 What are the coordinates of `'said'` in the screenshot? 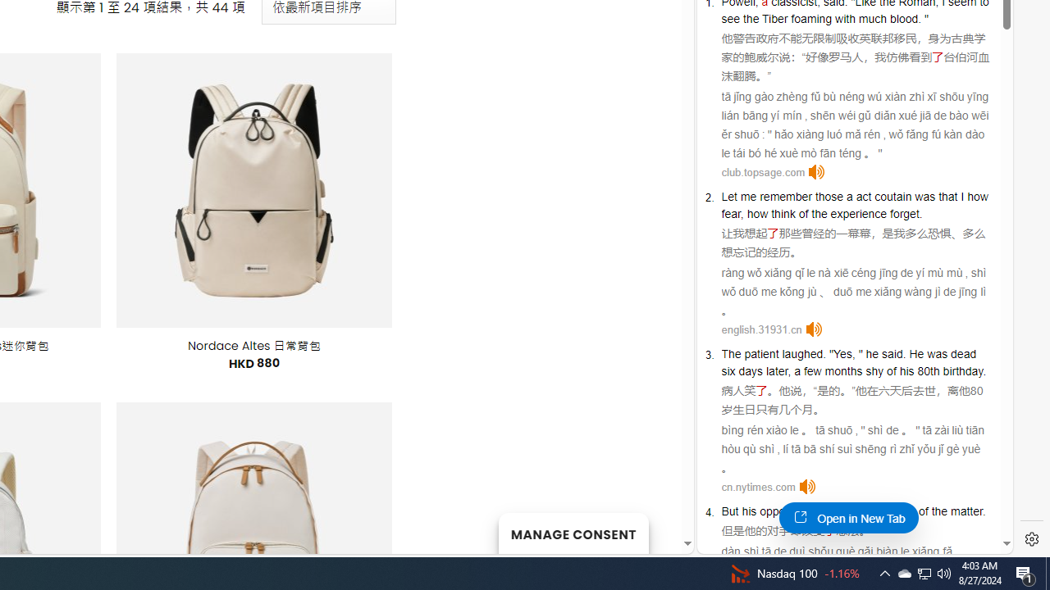 It's located at (892, 353).